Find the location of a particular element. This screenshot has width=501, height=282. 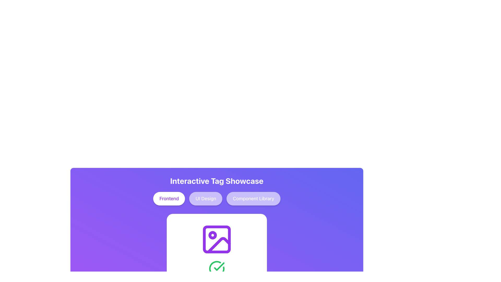

the Text Label that displays 'Interactive Tag Showcase' in bold, large white text on a purple gradient background, located at the top of the card is located at coordinates (217, 181).